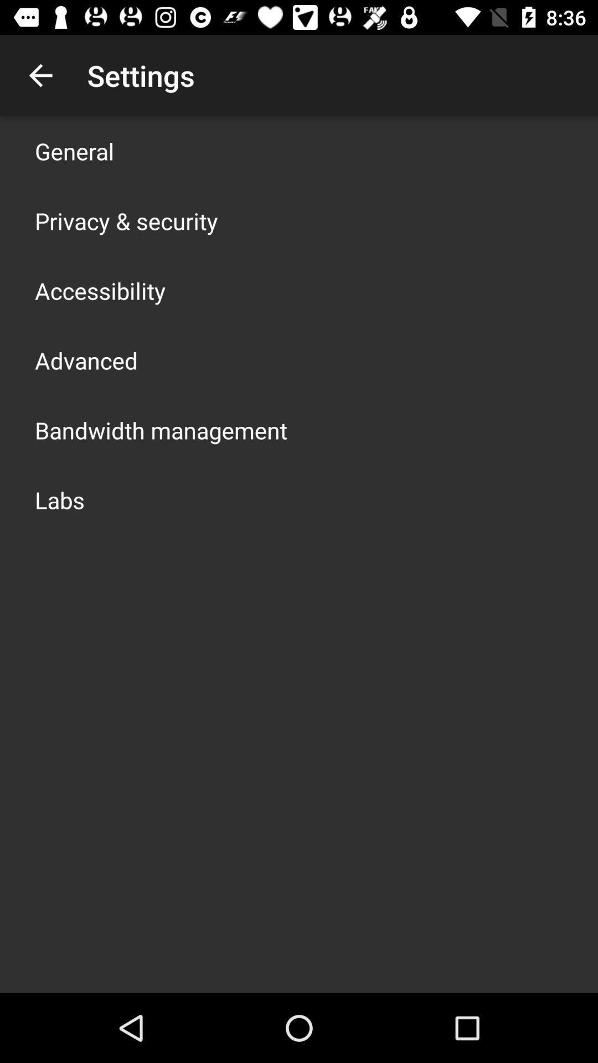 This screenshot has width=598, height=1063. I want to click on the item next to the settings, so click(40, 75).